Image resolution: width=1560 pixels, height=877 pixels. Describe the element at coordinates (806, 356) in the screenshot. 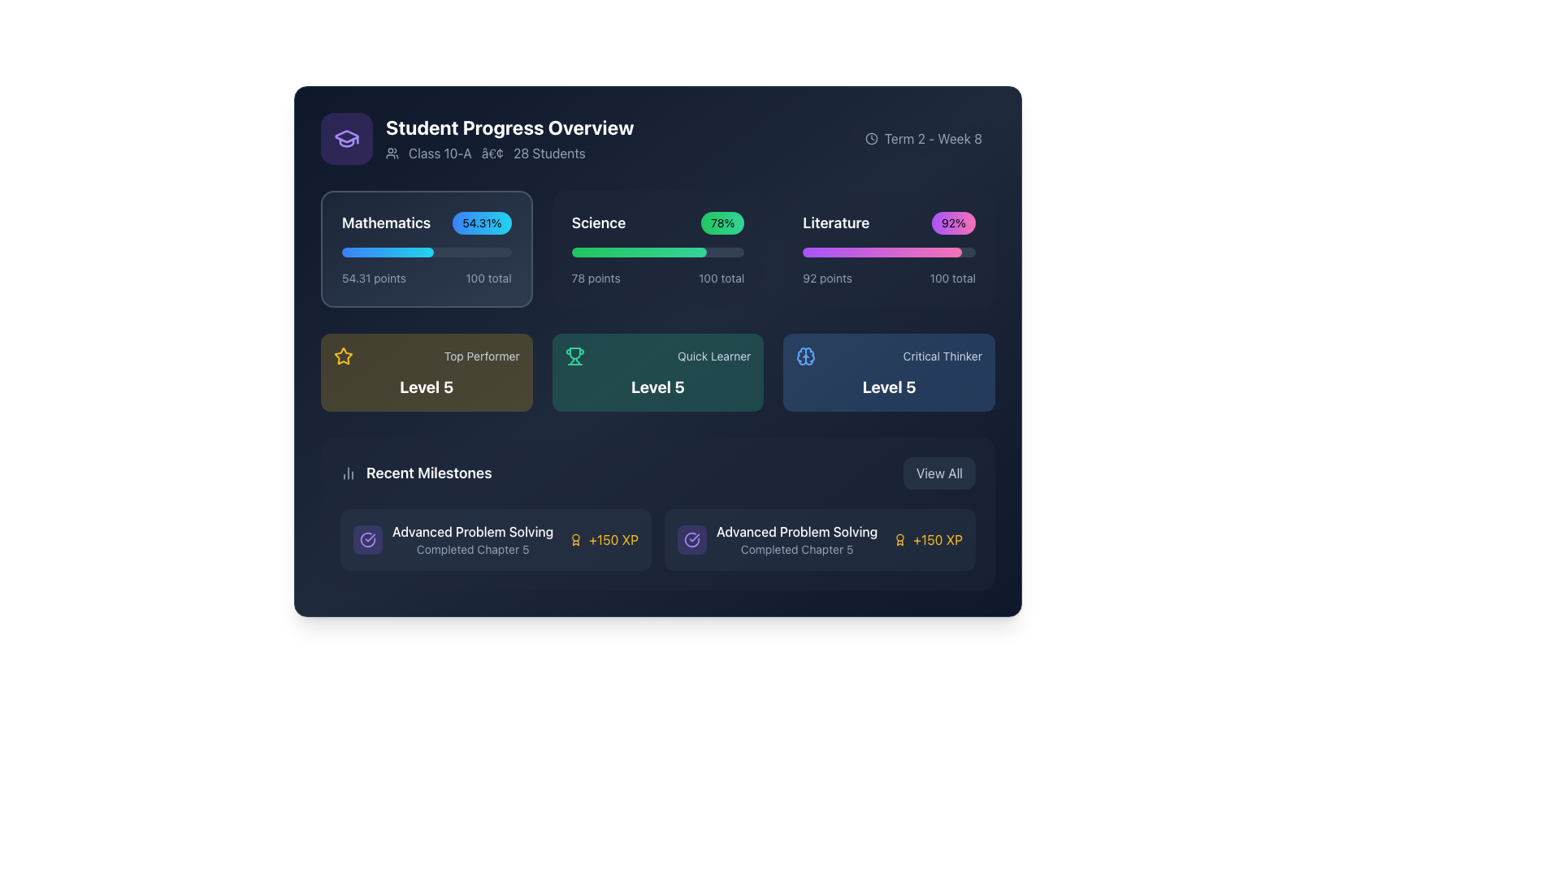

I see `the SVG icon representing critical thinking associated with the 'Critical Thinker' group` at that location.